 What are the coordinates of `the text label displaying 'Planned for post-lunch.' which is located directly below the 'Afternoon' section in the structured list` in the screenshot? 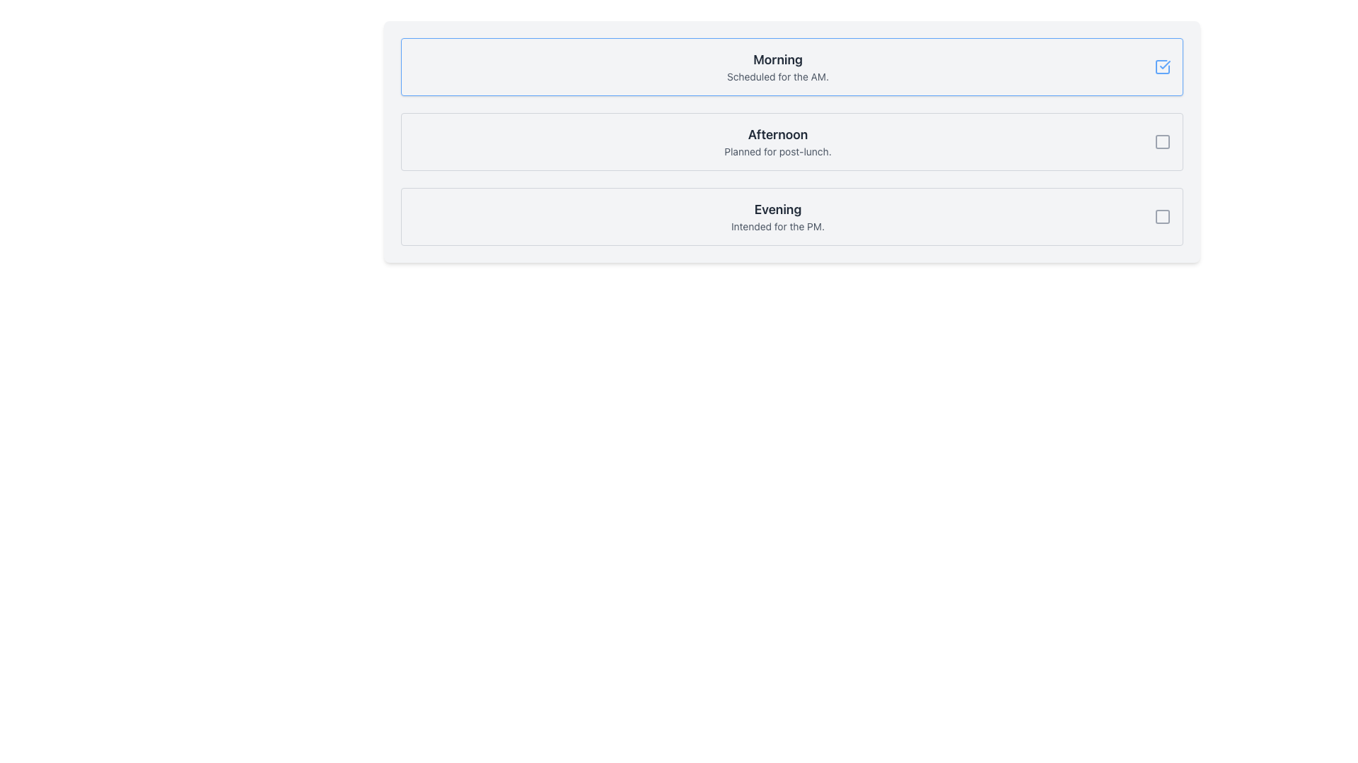 It's located at (777, 152).